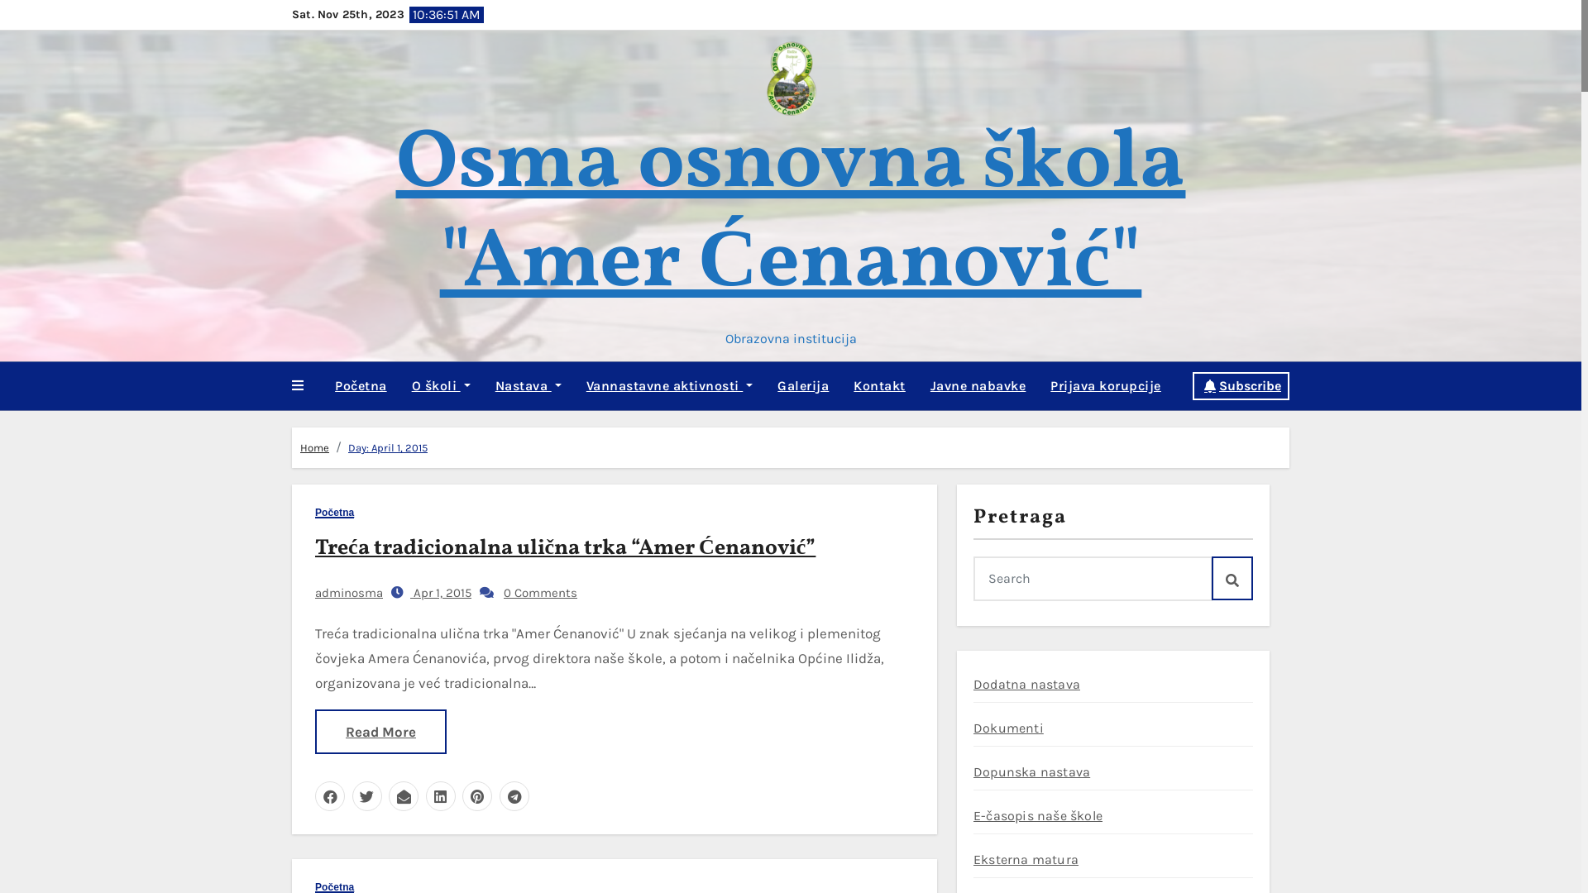 The width and height of the screenshot is (1588, 893). Describe the element at coordinates (802, 385) in the screenshot. I see `'Galerija'` at that location.